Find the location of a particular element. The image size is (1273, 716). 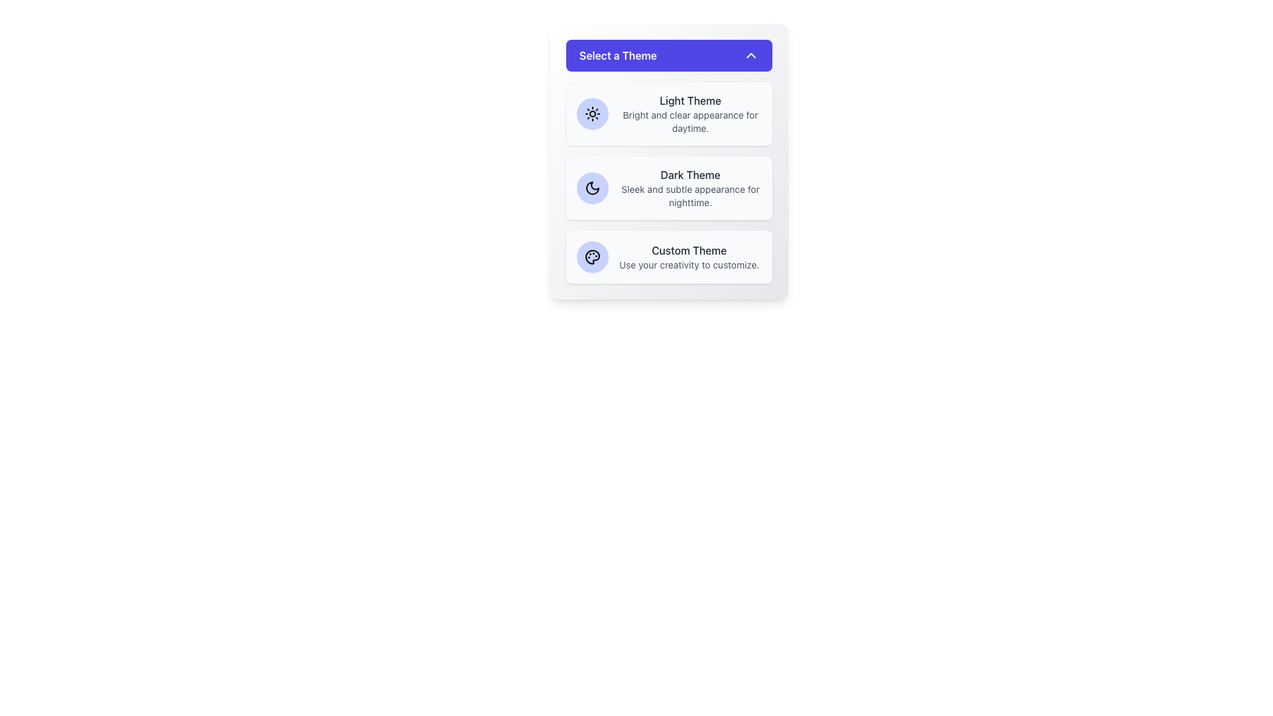

the circular light indigo icon with a moon-like shape and a black outline, located to the left of the 'Dark Theme' text in the three-option list is located at coordinates (591, 188).